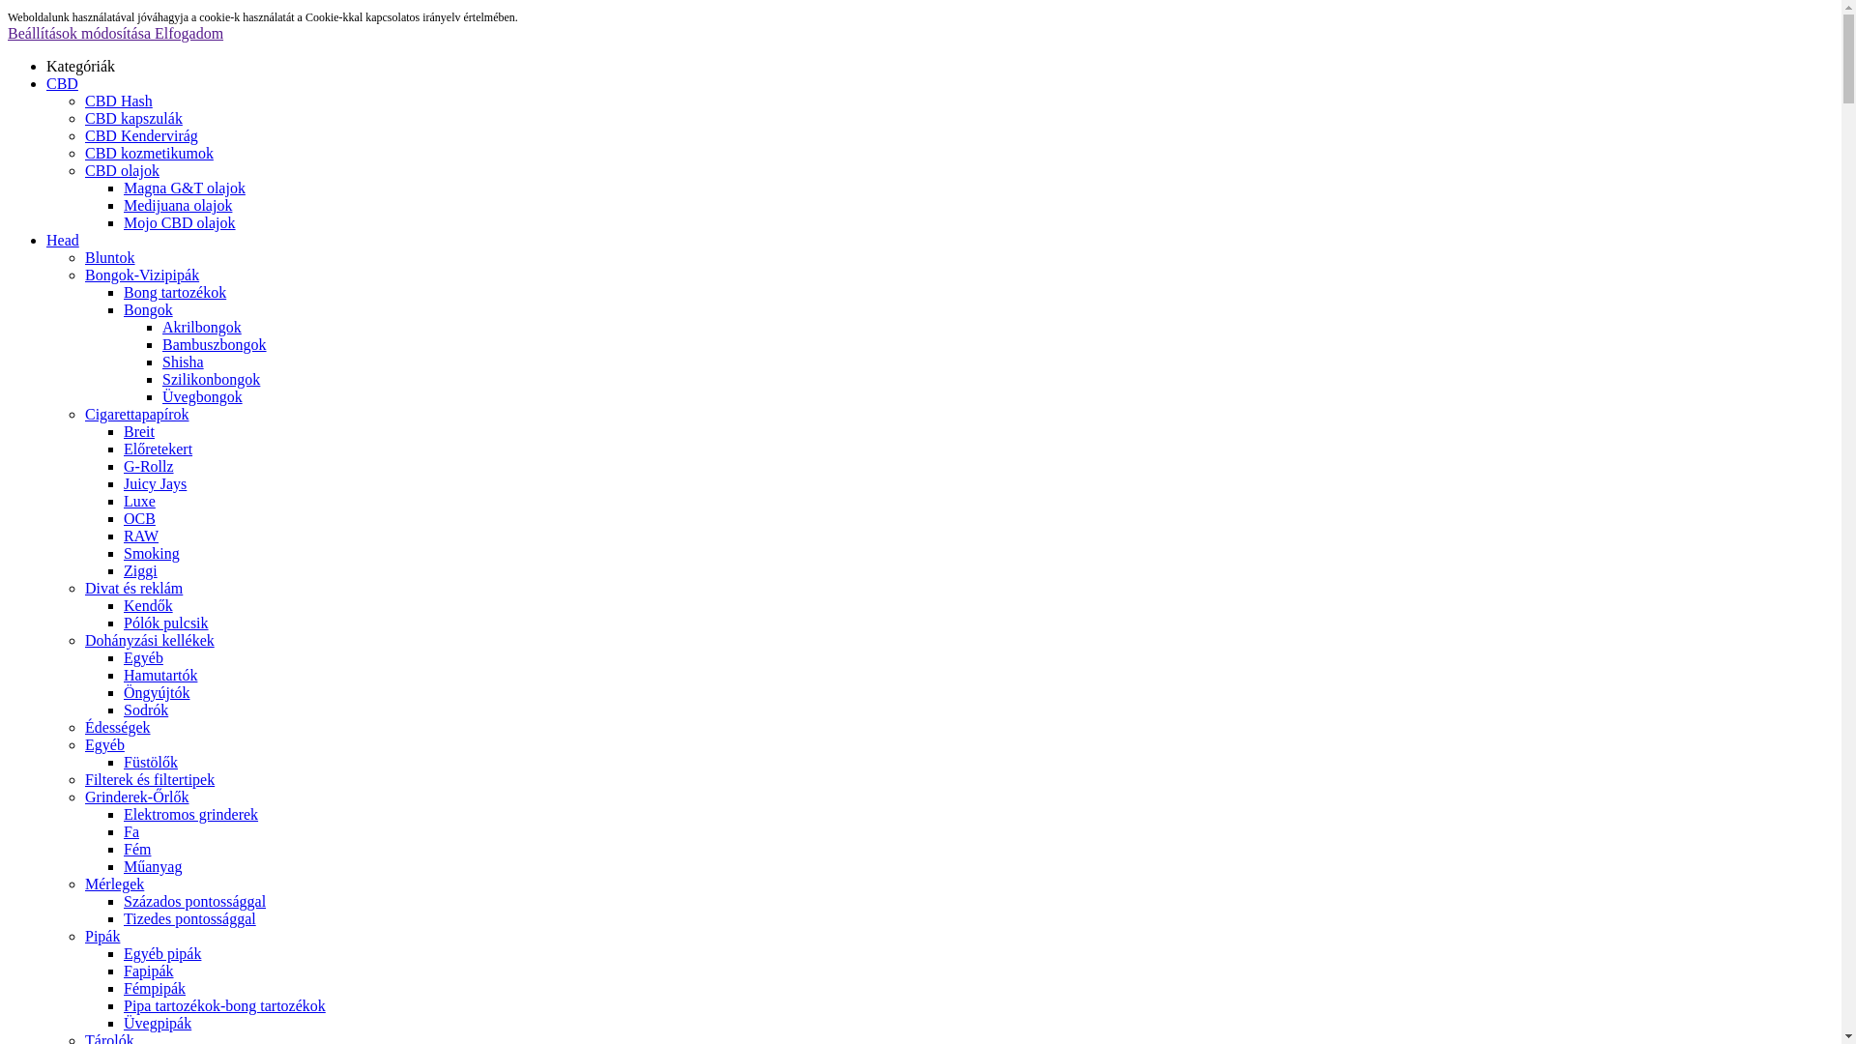 This screenshot has height=1044, width=1856. Describe the element at coordinates (123, 536) in the screenshot. I see `'RAW'` at that location.